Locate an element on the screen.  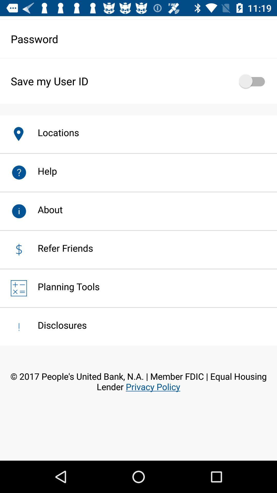
refer friends icon is located at coordinates (60, 248).